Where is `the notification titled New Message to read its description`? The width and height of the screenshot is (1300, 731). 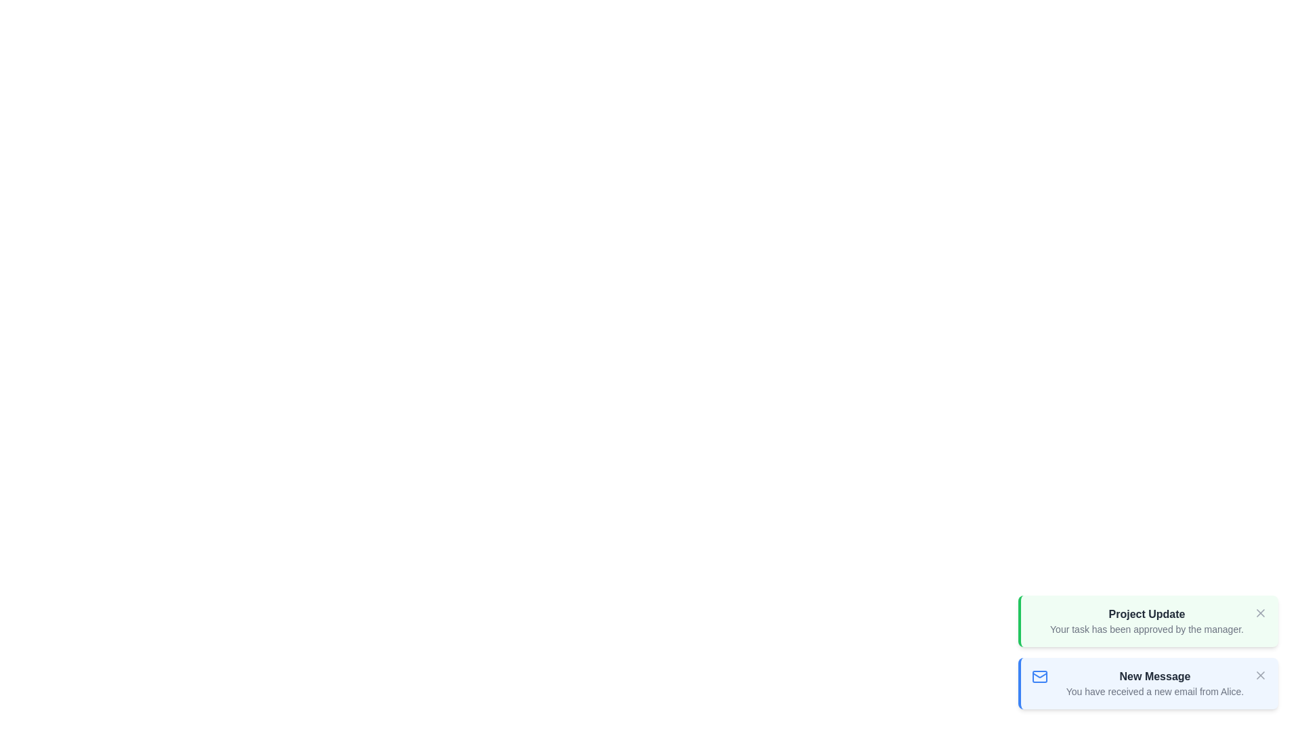
the notification titled New Message to read its description is located at coordinates (1154, 684).